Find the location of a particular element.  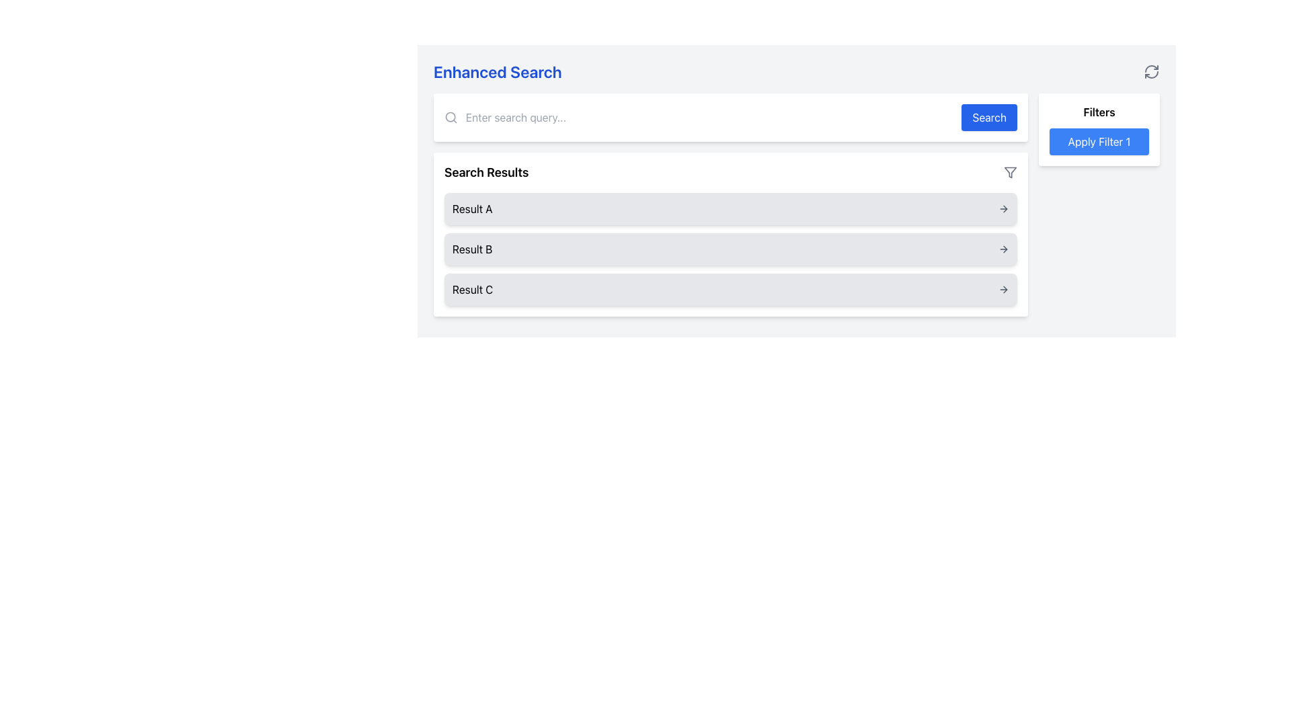

the right-pointing triangle within the arrow icon next to the list item labeled 'Result A' in the 'Search Results' section is located at coordinates (1005, 209).